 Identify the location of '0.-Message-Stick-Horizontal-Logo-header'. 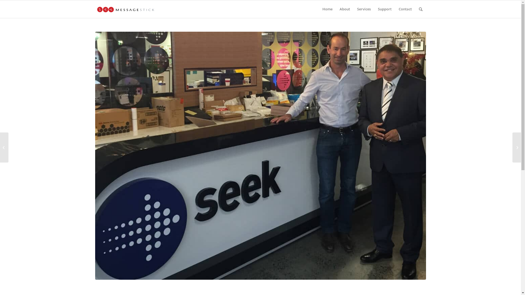
(126, 9).